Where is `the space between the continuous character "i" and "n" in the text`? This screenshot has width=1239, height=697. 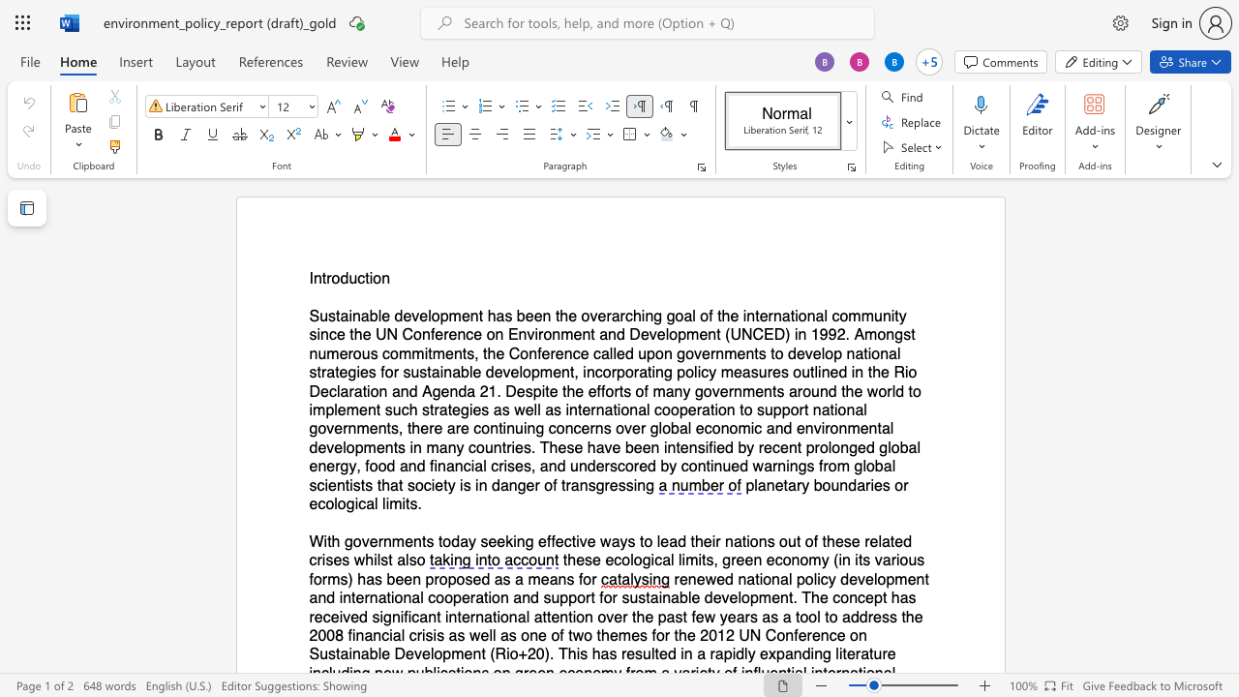 the space between the continuous character "i" and "n" in the text is located at coordinates (518, 541).